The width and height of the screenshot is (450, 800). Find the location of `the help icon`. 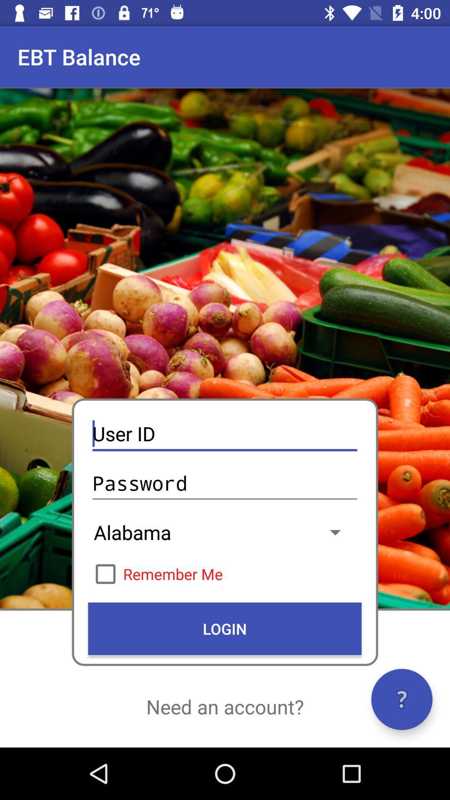

the help icon is located at coordinates (401, 699).